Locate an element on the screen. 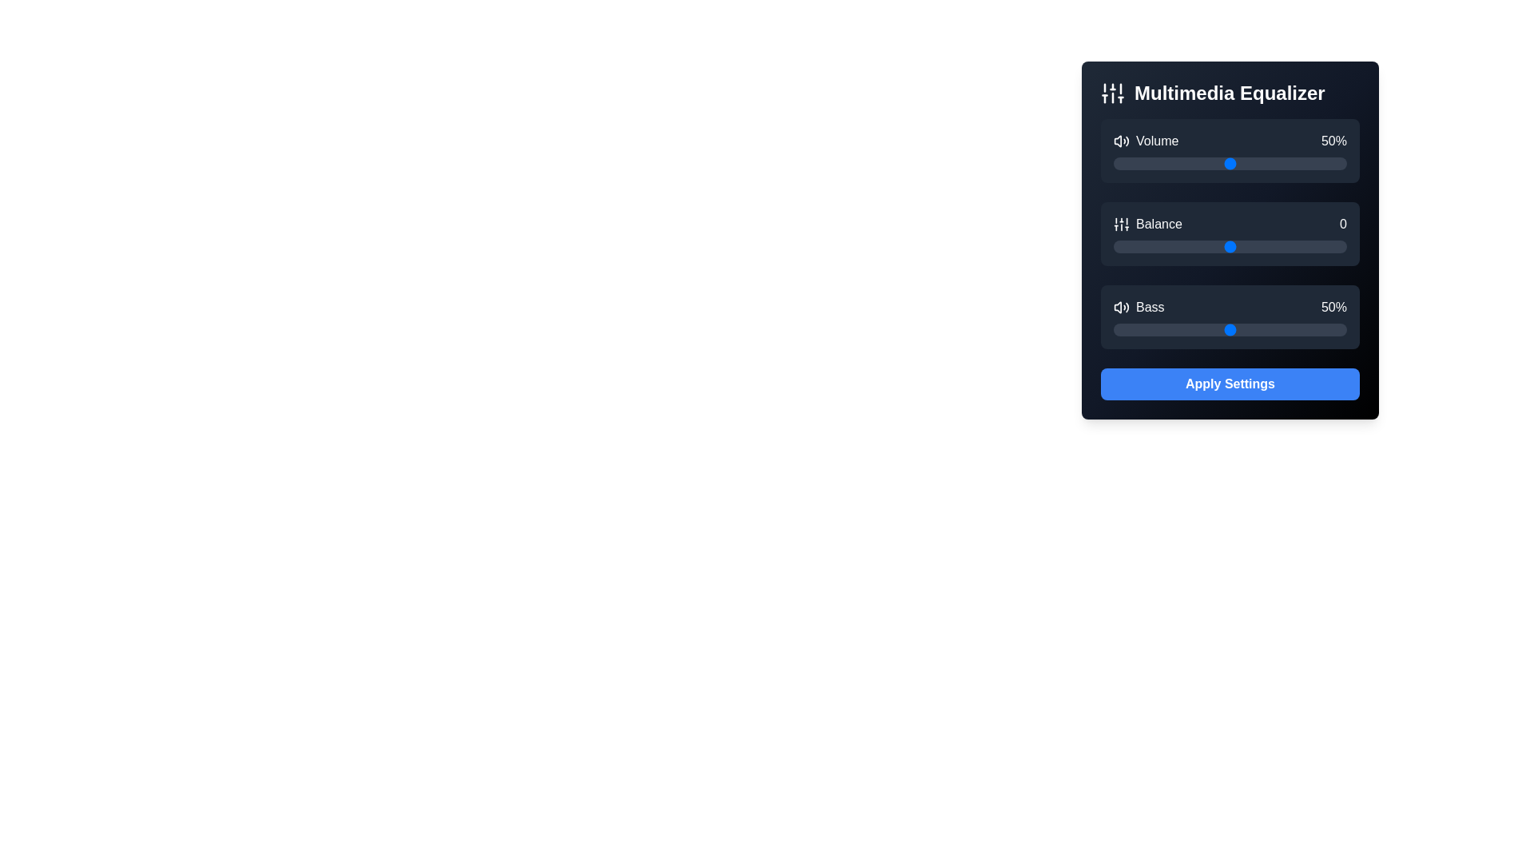 Image resolution: width=1534 pixels, height=863 pixels. the volume level is located at coordinates (1218, 163).